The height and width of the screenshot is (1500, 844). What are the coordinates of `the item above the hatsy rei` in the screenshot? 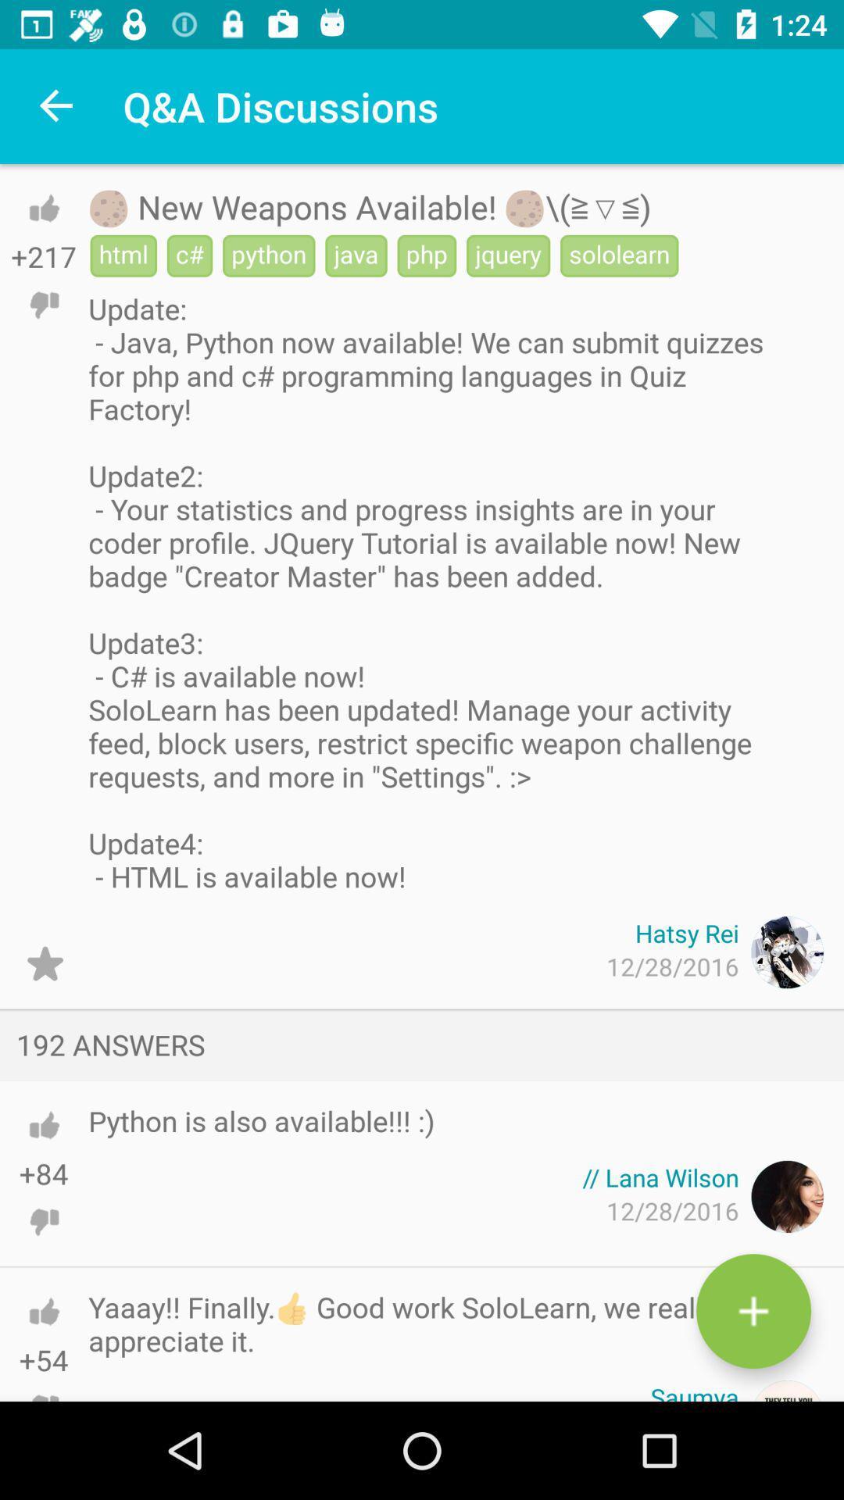 It's located at (429, 591).